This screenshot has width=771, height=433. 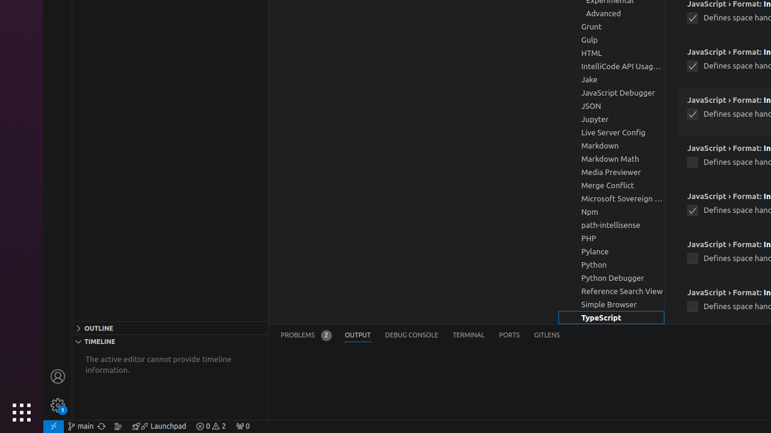 What do you see at coordinates (611, 39) in the screenshot?
I see `'Gulp, group'` at bounding box center [611, 39].